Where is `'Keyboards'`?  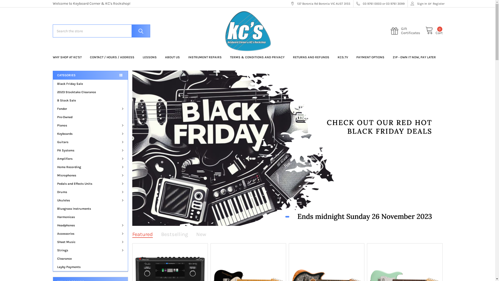 'Keyboards' is located at coordinates (90, 133).